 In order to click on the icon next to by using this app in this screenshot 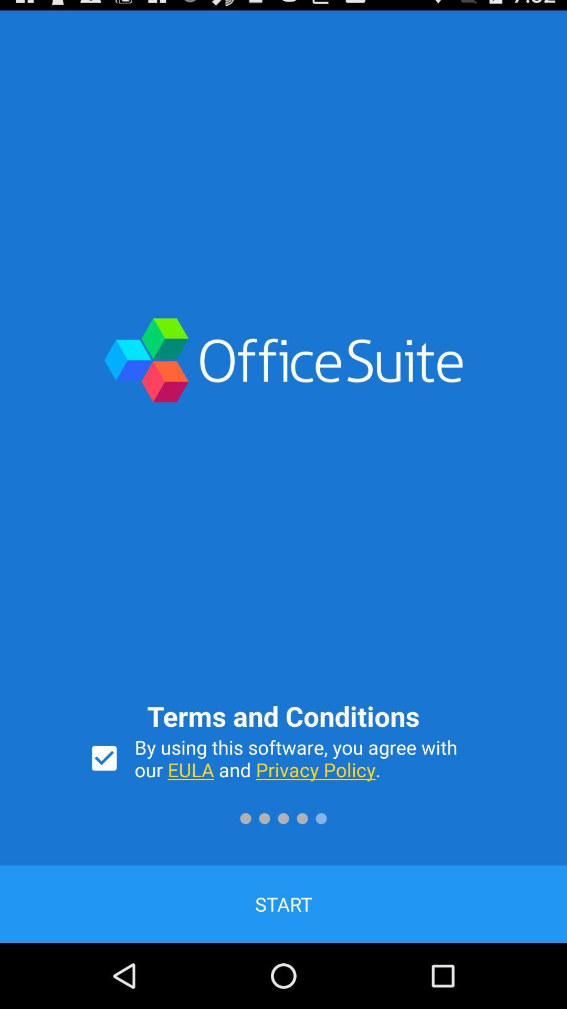, I will do `click(104, 758)`.